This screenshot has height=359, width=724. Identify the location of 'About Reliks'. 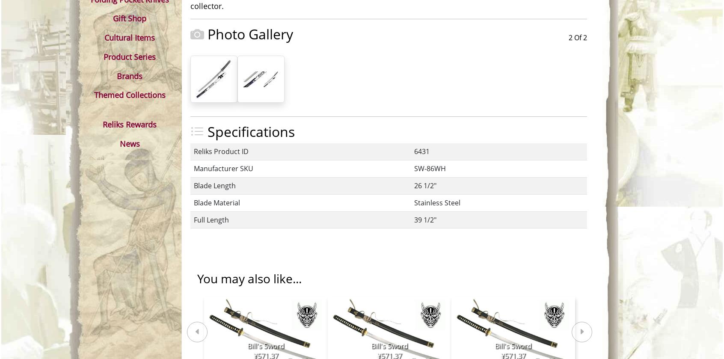
(430, 189).